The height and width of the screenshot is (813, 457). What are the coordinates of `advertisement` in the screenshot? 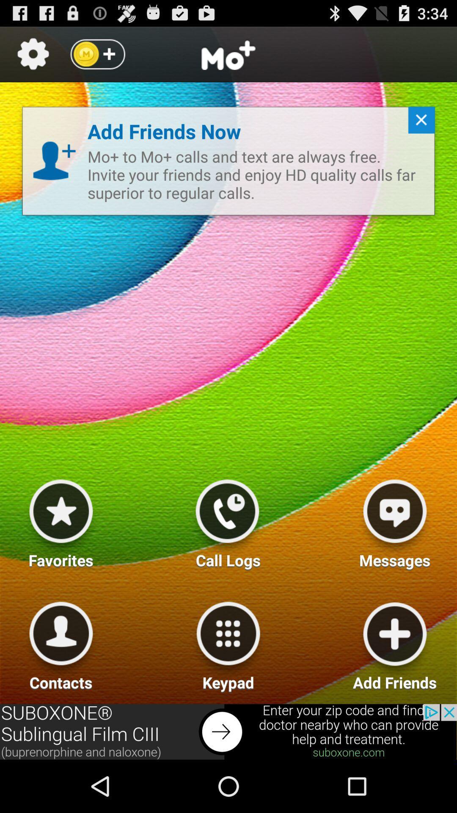 It's located at (228, 731).